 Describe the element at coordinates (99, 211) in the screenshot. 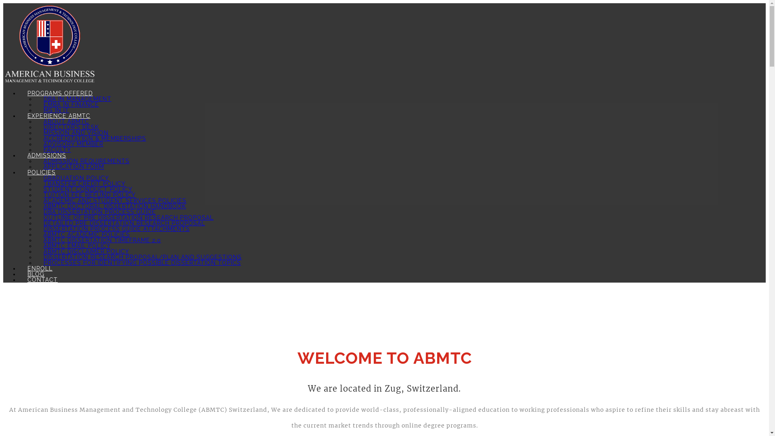

I see `'DBA DISSERTATION PROCESS GUIDE'` at that location.